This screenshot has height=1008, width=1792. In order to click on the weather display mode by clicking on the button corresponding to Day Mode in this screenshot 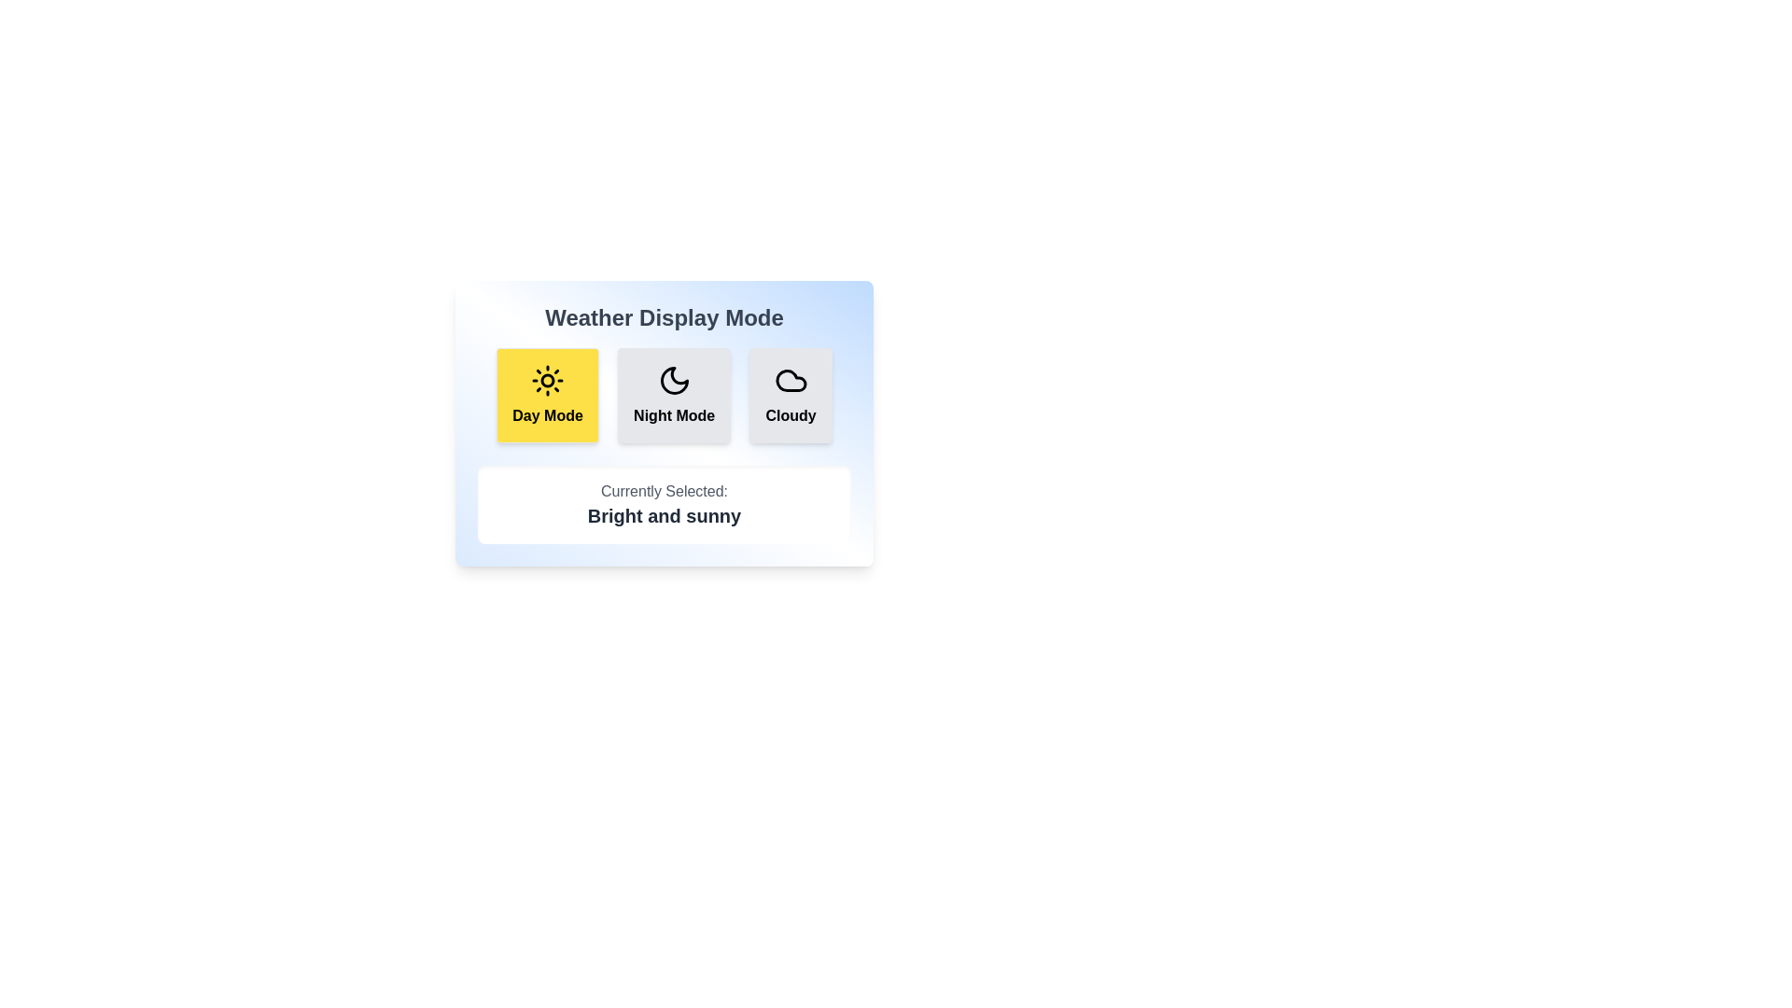, I will do `click(546, 395)`.